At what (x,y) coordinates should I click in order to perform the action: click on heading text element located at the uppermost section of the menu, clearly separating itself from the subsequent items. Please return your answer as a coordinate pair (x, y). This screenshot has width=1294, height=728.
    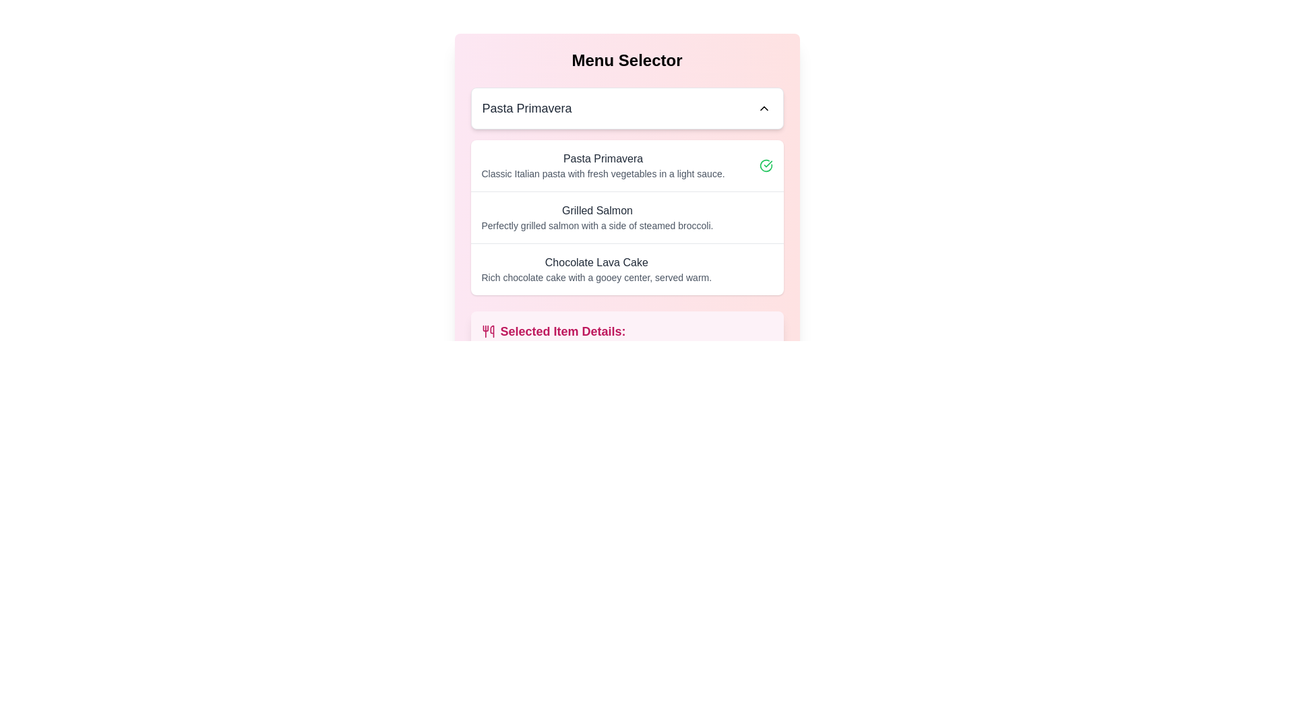
    Looking at the image, I should click on (626, 59).